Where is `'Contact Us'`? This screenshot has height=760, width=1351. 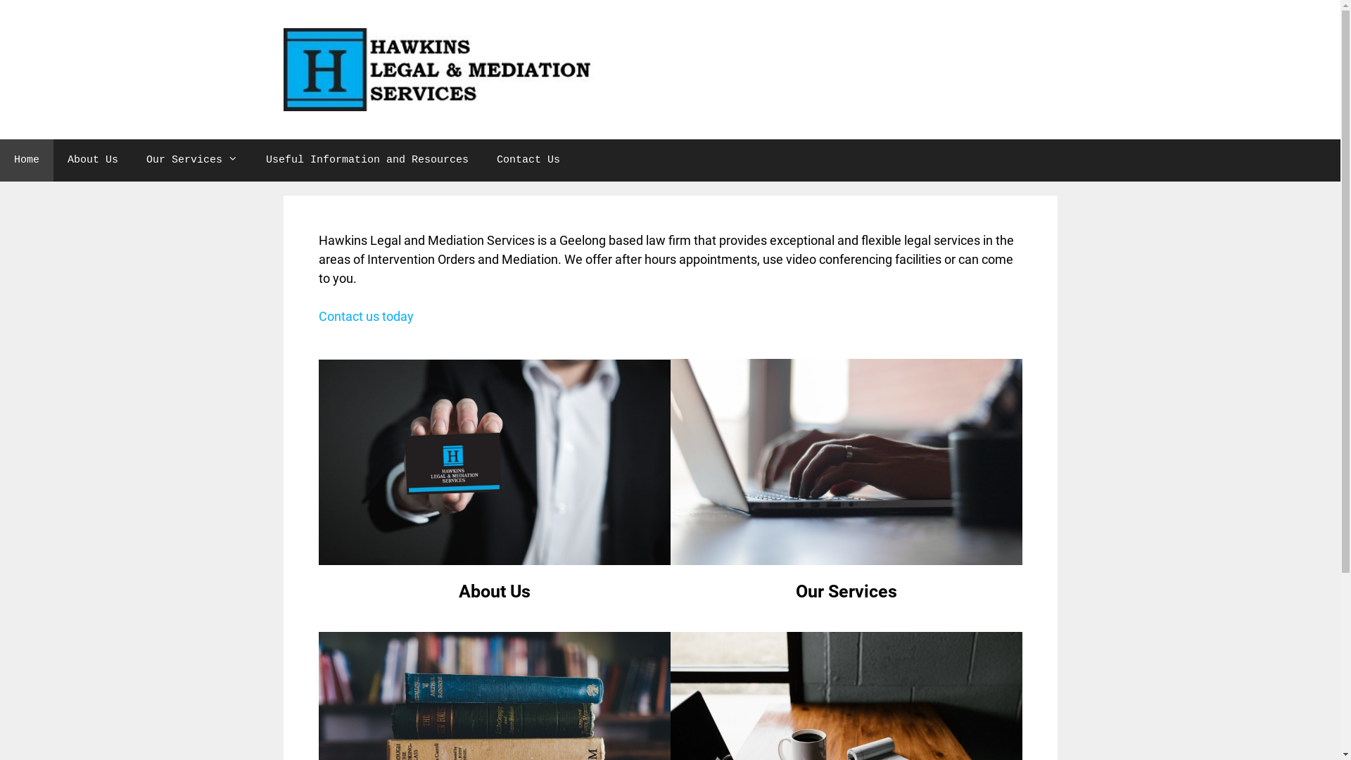
'Contact Us' is located at coordinates (527, 159).